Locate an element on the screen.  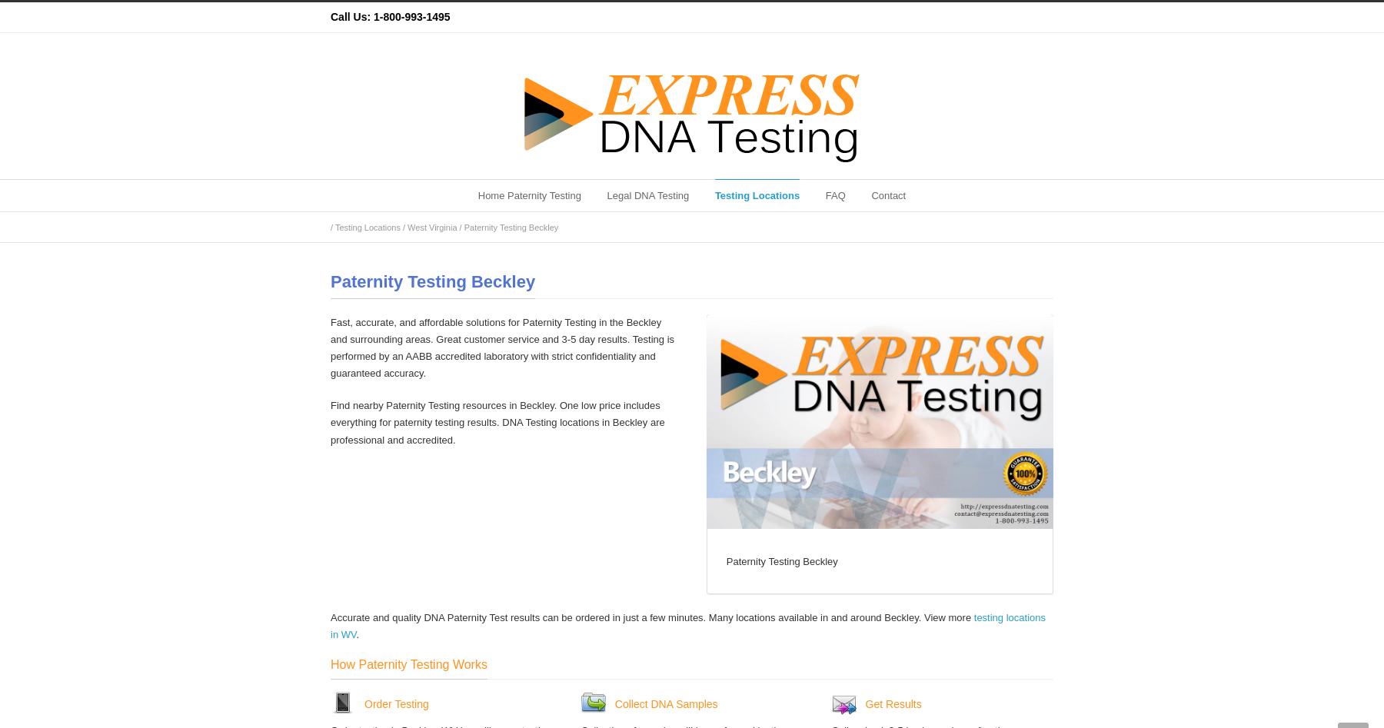
'Accurate and quality DNA Paternity Test results can be ordered in just a few minutes. Many locations available in and around Beckley. View more' is located at coordinates (651, 617).